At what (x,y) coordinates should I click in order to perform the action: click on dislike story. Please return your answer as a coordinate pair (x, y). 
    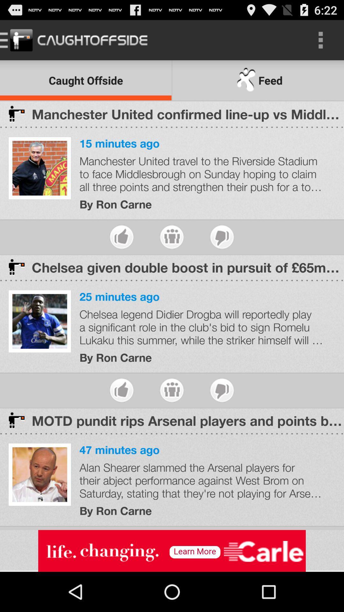
    Looking at the image, I should click on (222, 237).